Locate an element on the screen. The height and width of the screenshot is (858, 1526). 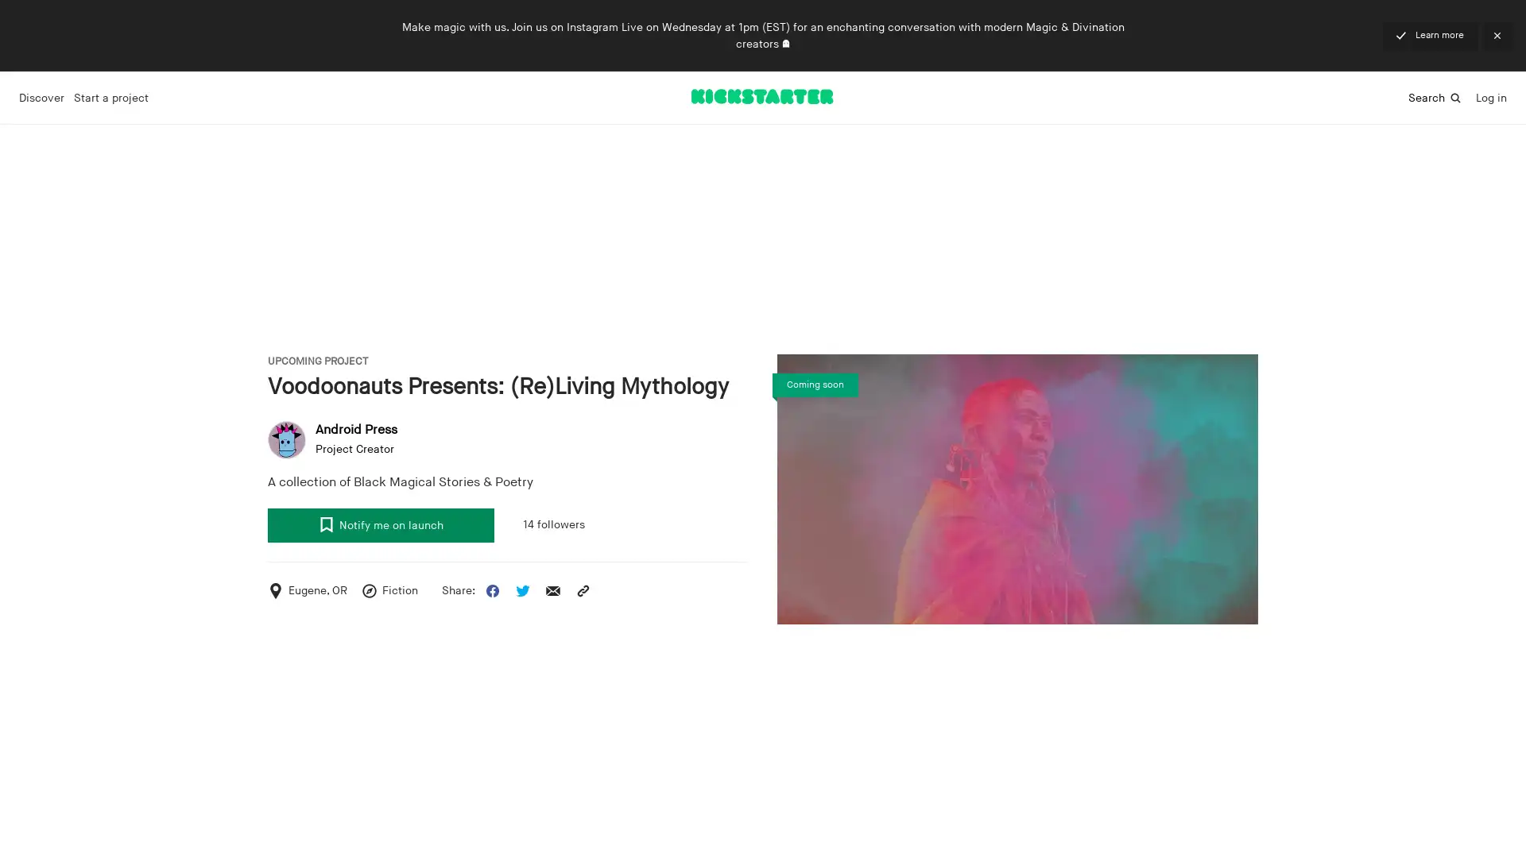
user avatar Android Press Project Creator is located at coordinates (331, 439).